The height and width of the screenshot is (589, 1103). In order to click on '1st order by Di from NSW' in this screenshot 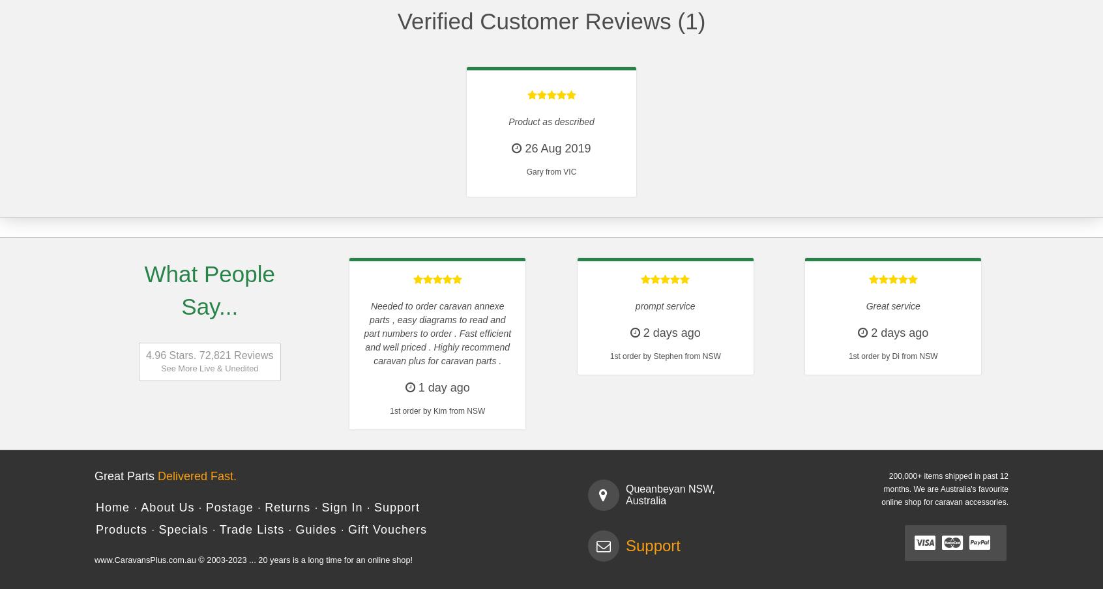, I will do `click(892, 356)`.